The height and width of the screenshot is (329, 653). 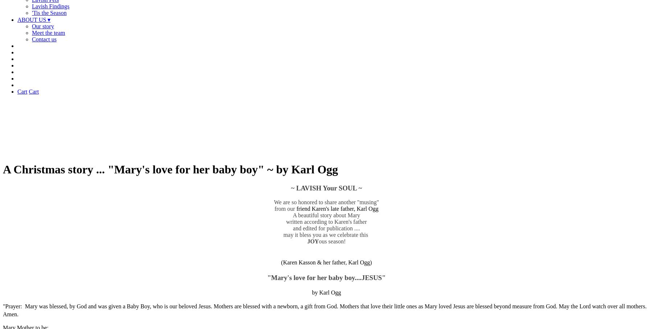 I want to click on 'friend Karen's late father, Karl Ogg', so click(x=337, y=208).